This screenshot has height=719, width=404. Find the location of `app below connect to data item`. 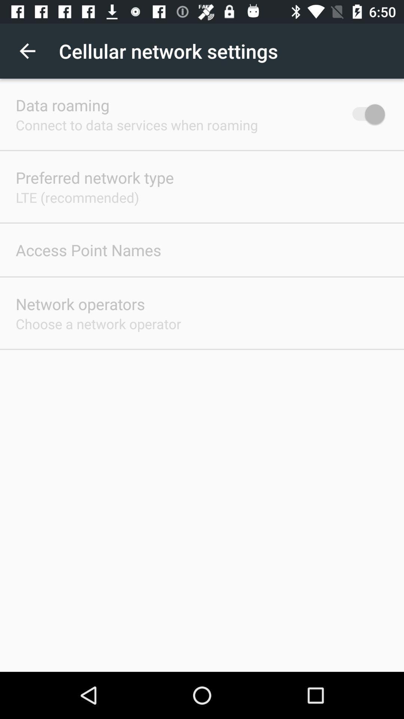

app below connect to data item is located at coordinates (94, 177).